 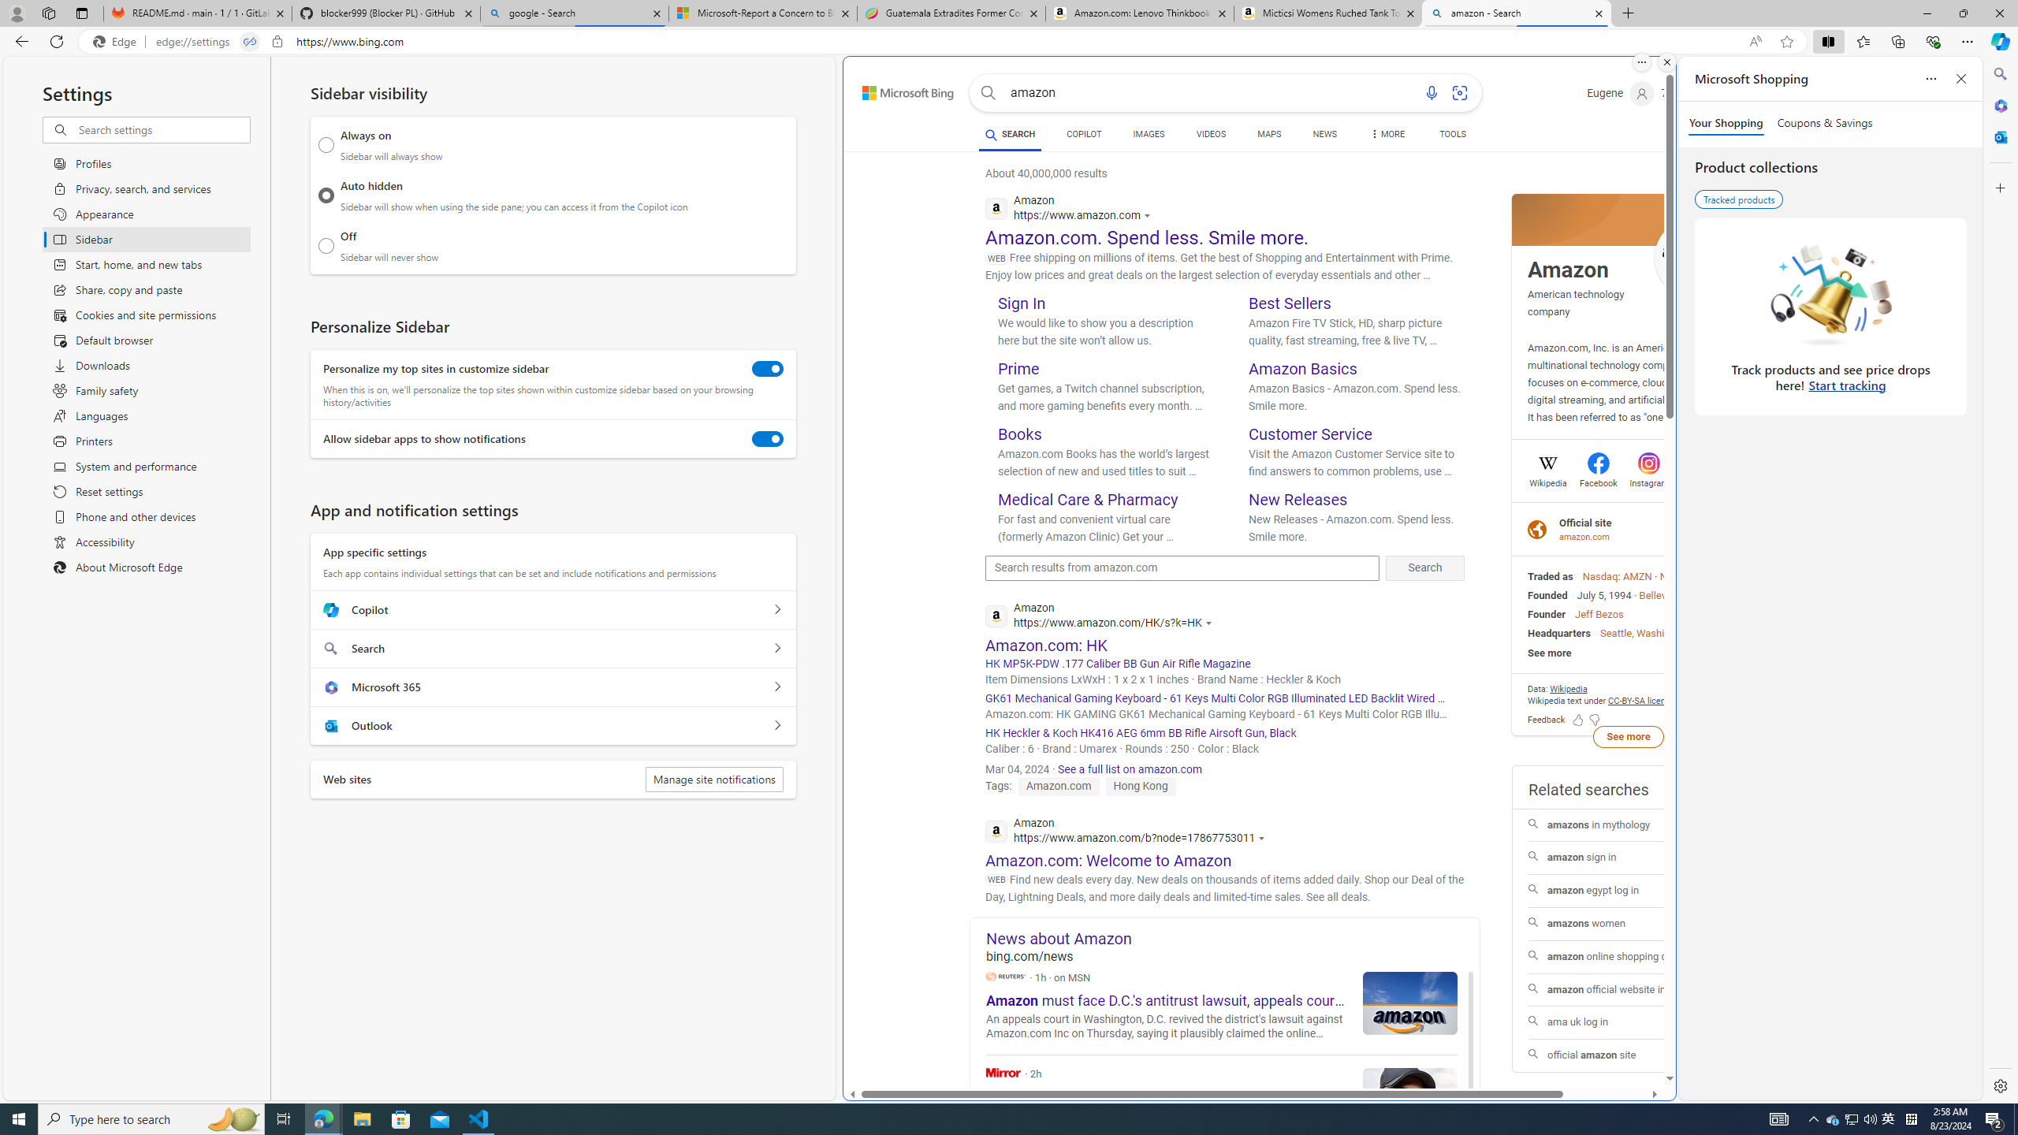 I want to click on 'Amazon.com. Spend less. Smile more.', so click(x=1147, y=236).